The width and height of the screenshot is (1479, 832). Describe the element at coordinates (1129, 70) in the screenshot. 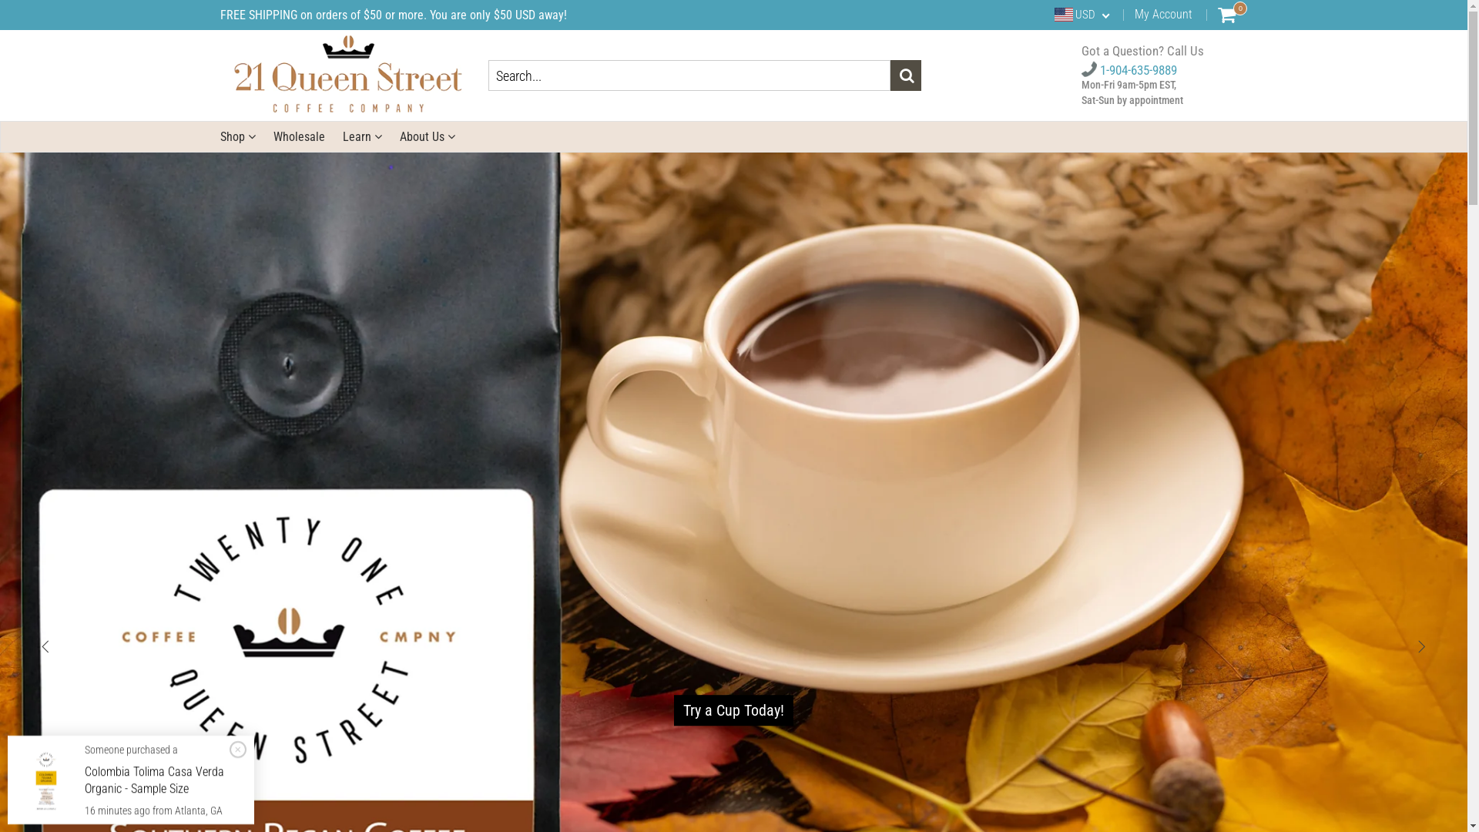

I see `'1-904-635-9889'` at that location.